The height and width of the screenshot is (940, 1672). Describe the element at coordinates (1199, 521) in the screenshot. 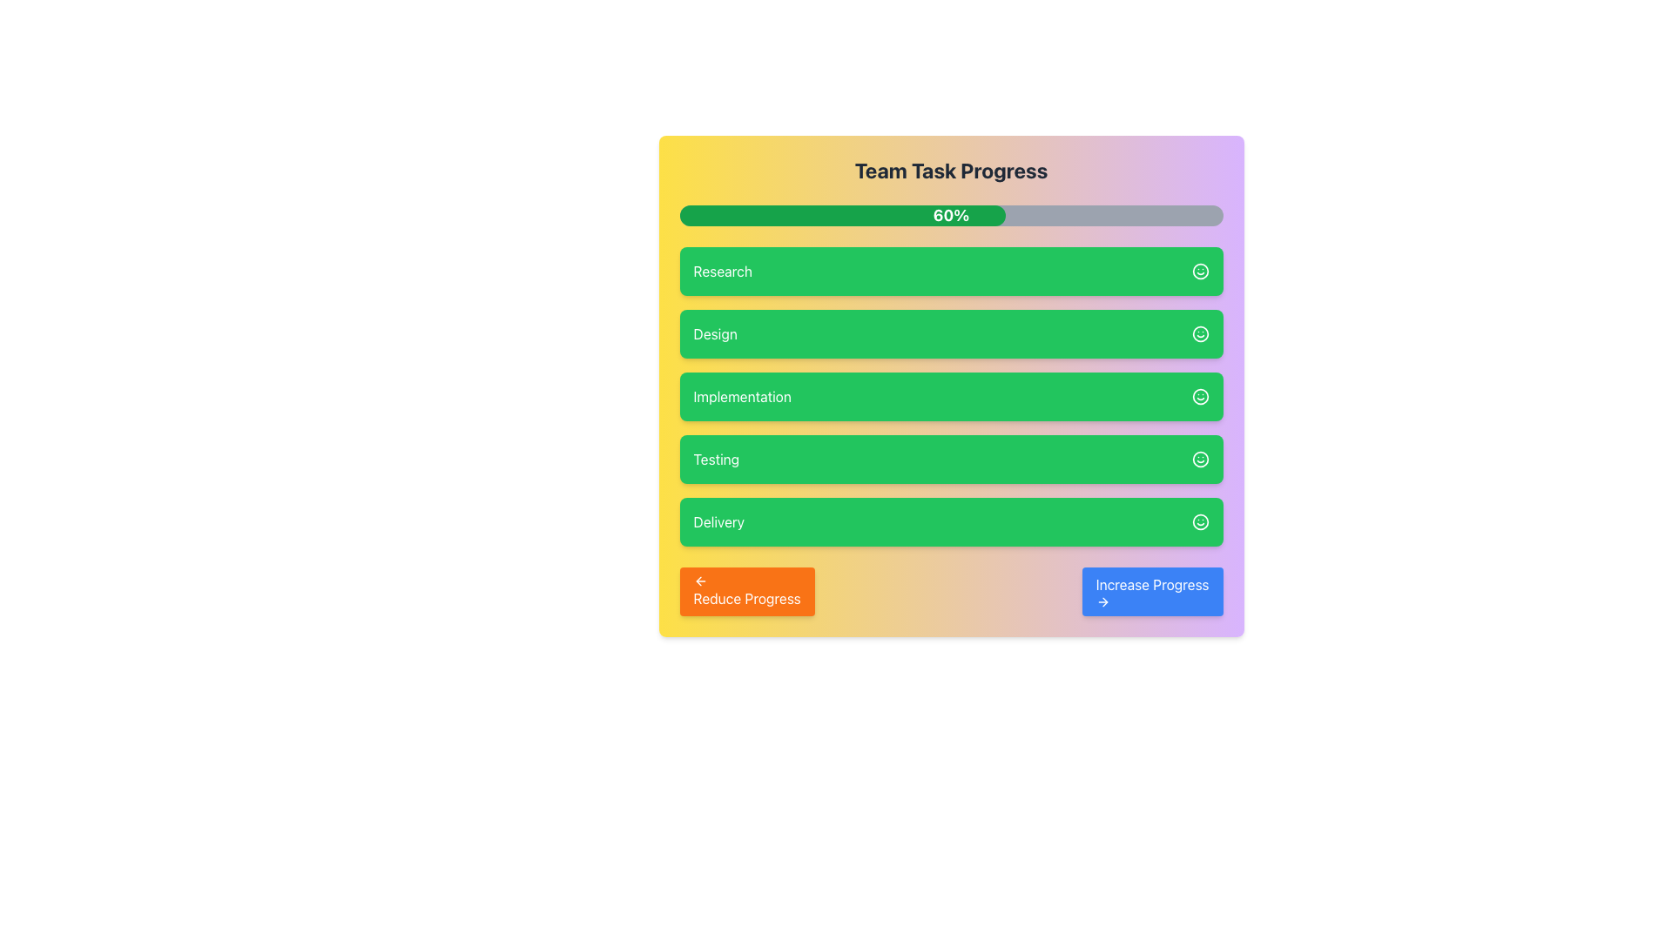

I see `the last smiley face icon in the 'Delivery' task segment, which is styled with a green fill and located towards the rightmost side of the segment` at that location.